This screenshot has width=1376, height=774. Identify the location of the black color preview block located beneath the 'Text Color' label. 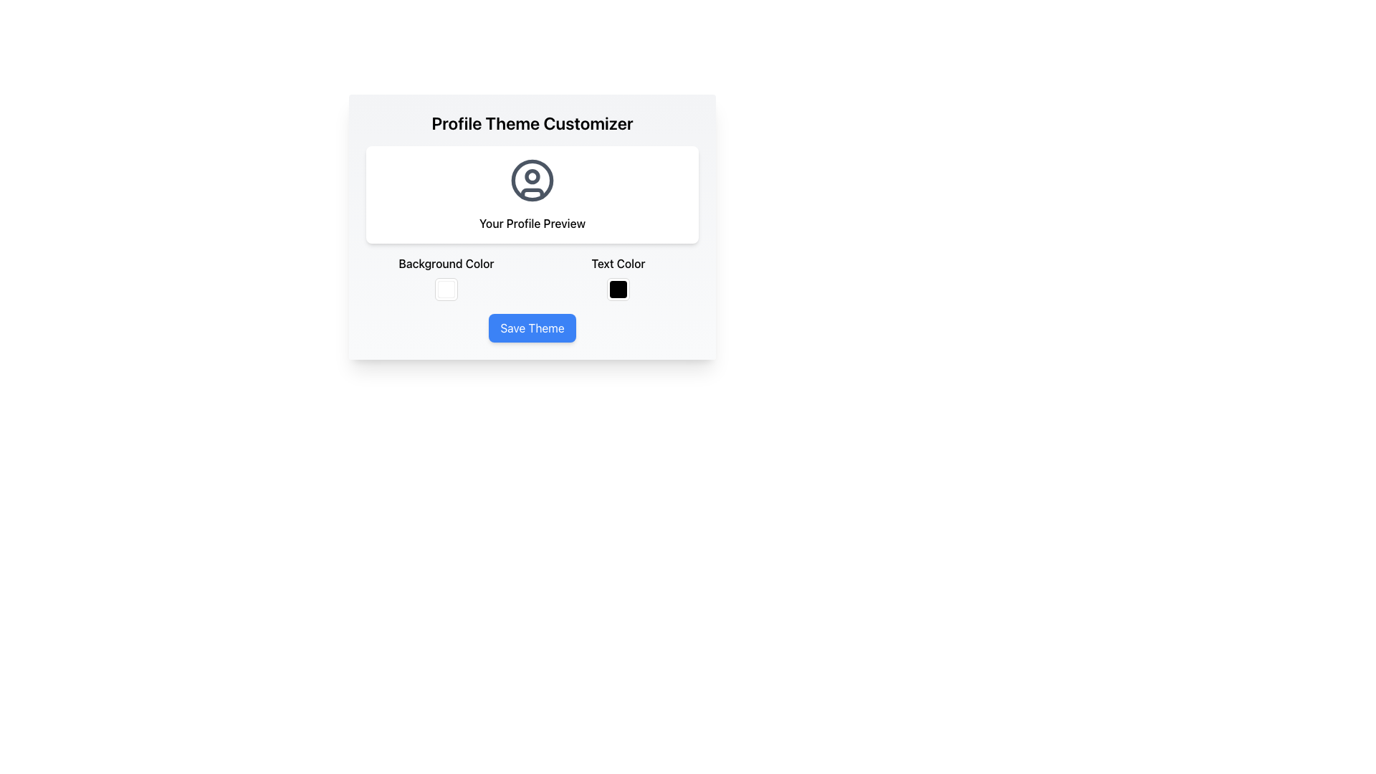
(618, 279).